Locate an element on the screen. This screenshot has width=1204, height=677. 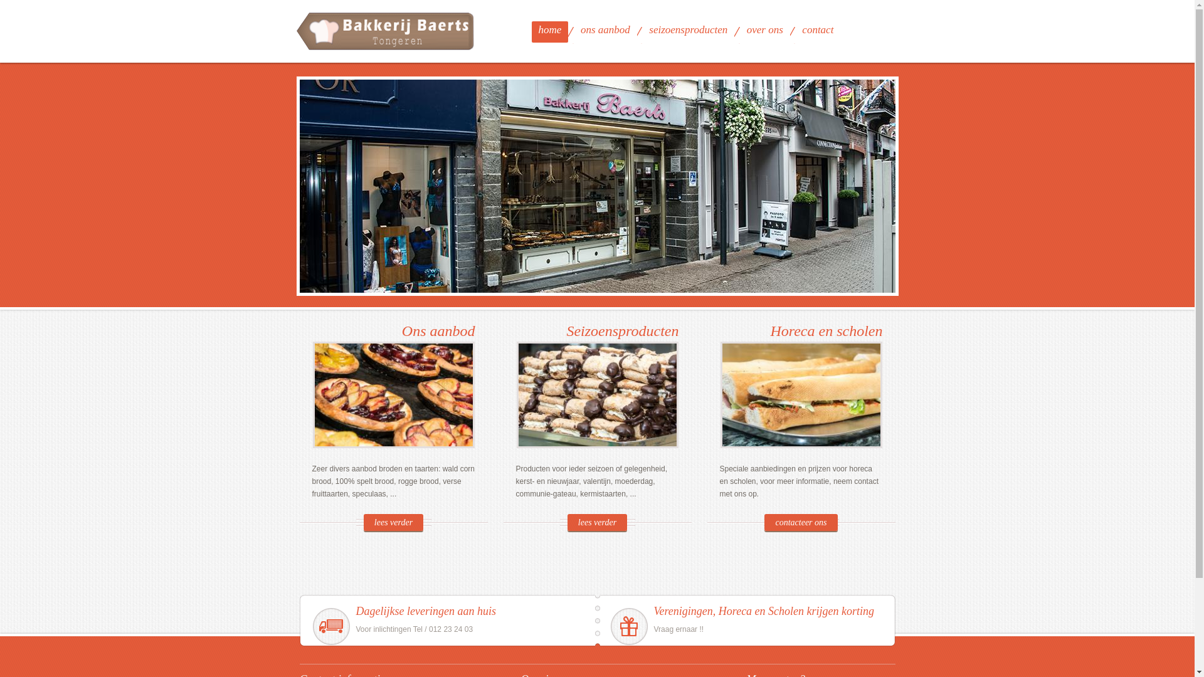
'contact' is located at coordinates (818, 31).